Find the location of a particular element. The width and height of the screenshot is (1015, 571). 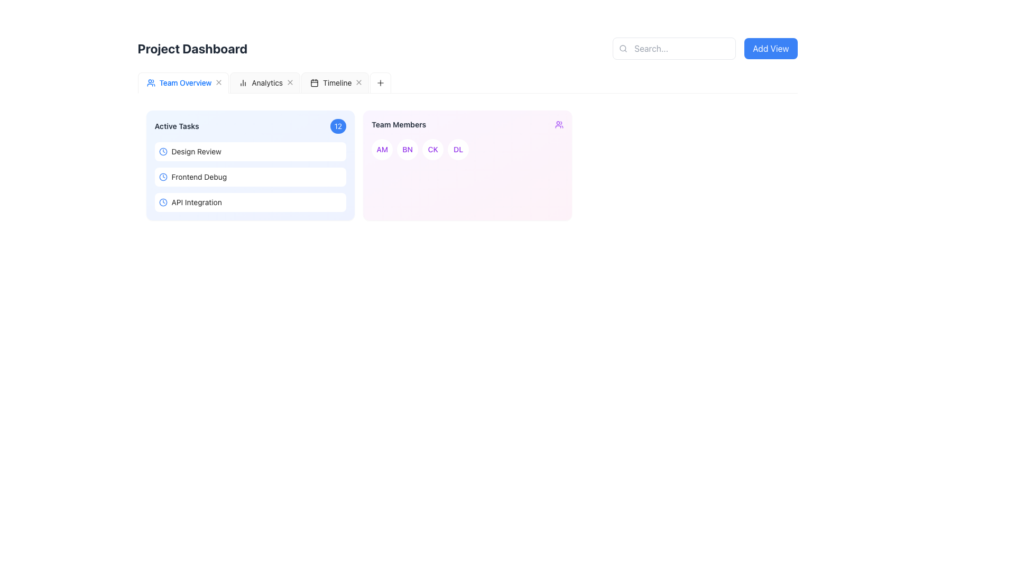

the 'Add Tab' button located at the far-right end of the navigation bar, which is positioned after 'Team Overview,' 'Analytics,' and 'Timeline.' is located at coordinates (381, 82).